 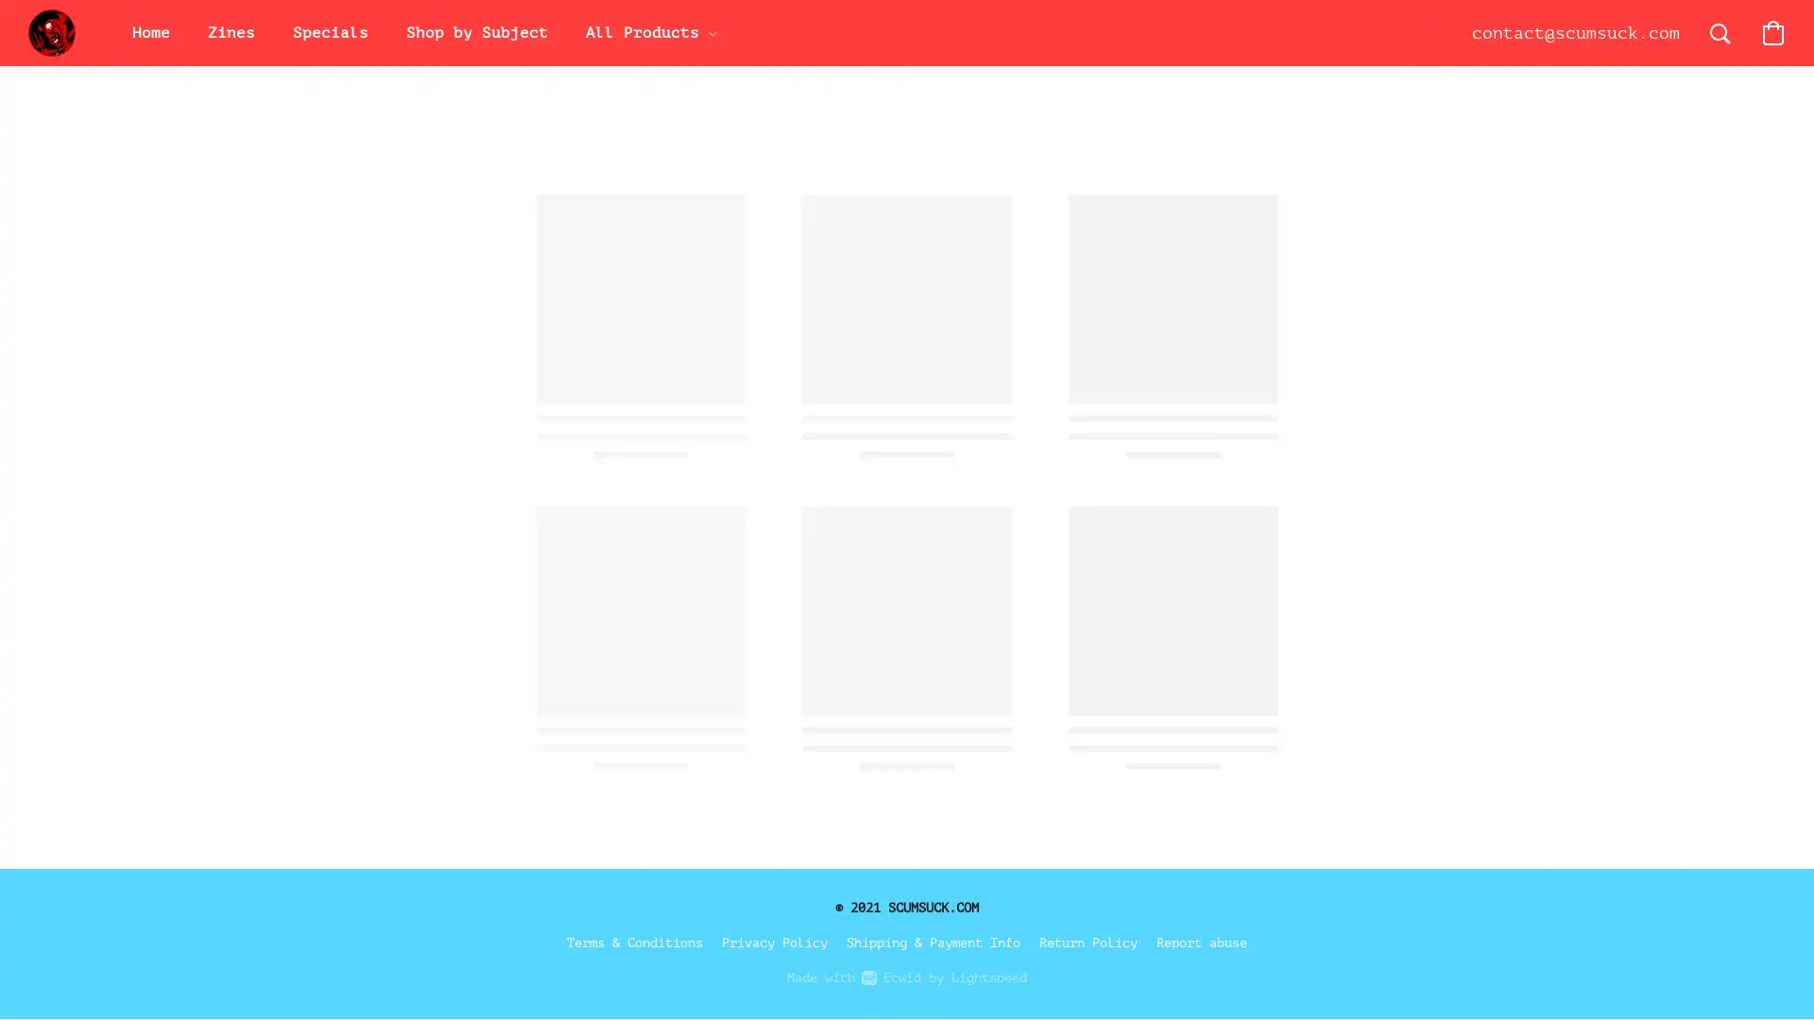 What do you see at coordinates (1720, 32) in the screenshot?
I see `Search the website` at bounding box center [1720, 32].